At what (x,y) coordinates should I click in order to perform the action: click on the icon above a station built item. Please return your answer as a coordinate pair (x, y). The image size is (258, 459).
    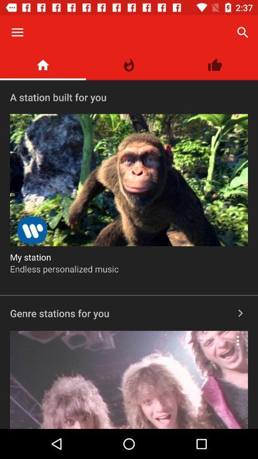
    Looking at the image, I should click on (215, 65).